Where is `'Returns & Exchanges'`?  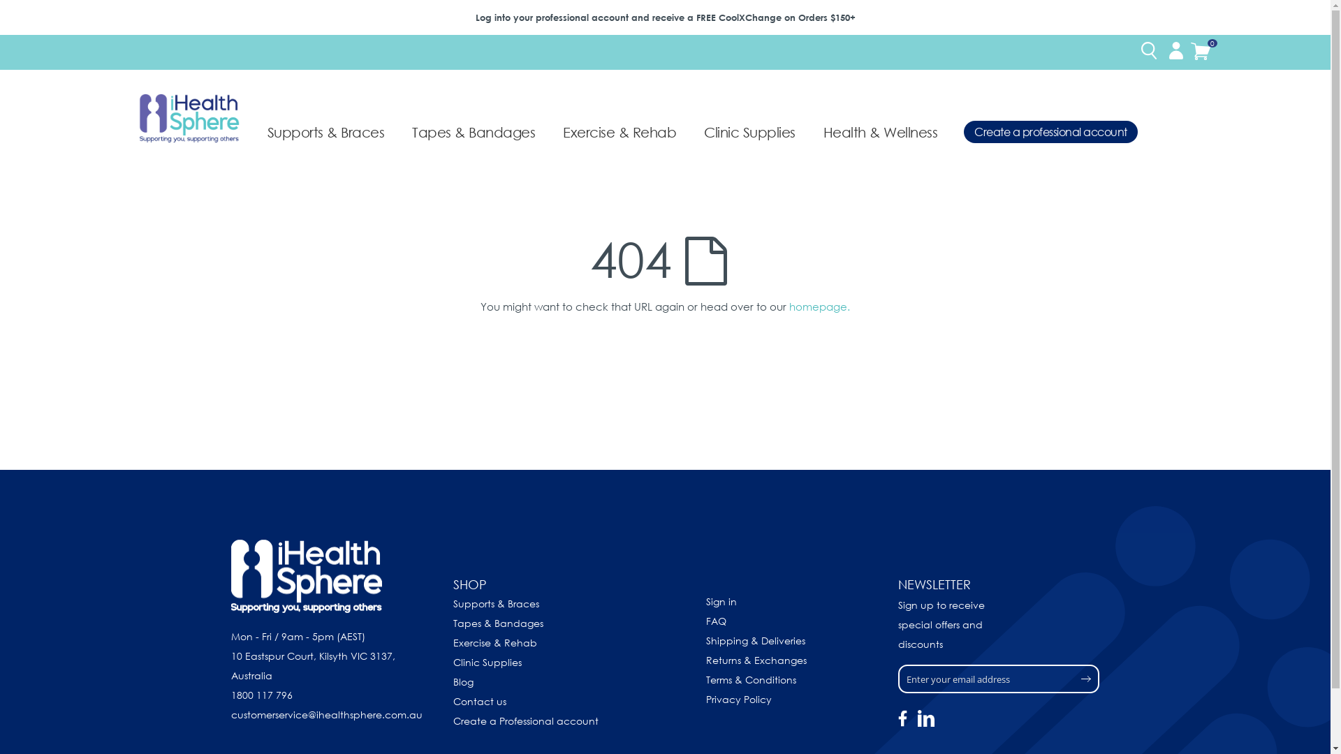
'Returns & Exchanges' is located at coordinates (756, 660).